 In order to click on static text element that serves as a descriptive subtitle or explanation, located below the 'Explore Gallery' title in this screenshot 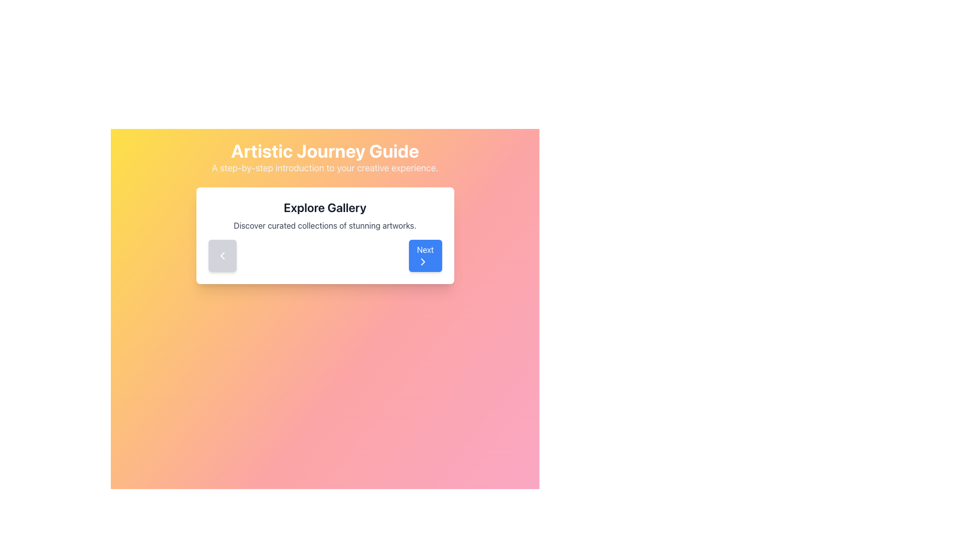, I will do `click(325, 225)`.